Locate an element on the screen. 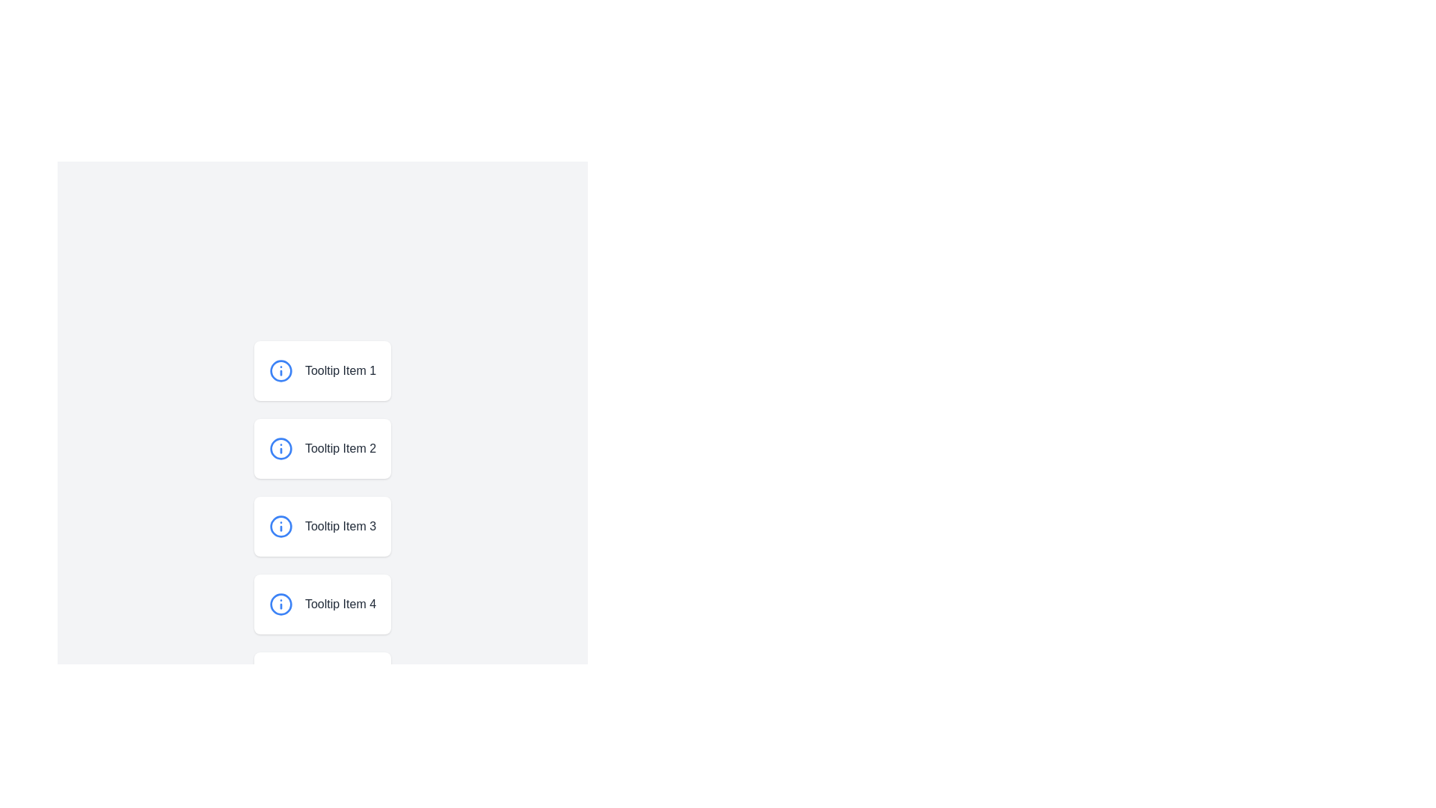 This screenshot has height=808, width=1436. the circular graphical component with a blue outline, which is part of the third information icon next to 'Tooltip Item 3' is located at coordinates (280, 526).